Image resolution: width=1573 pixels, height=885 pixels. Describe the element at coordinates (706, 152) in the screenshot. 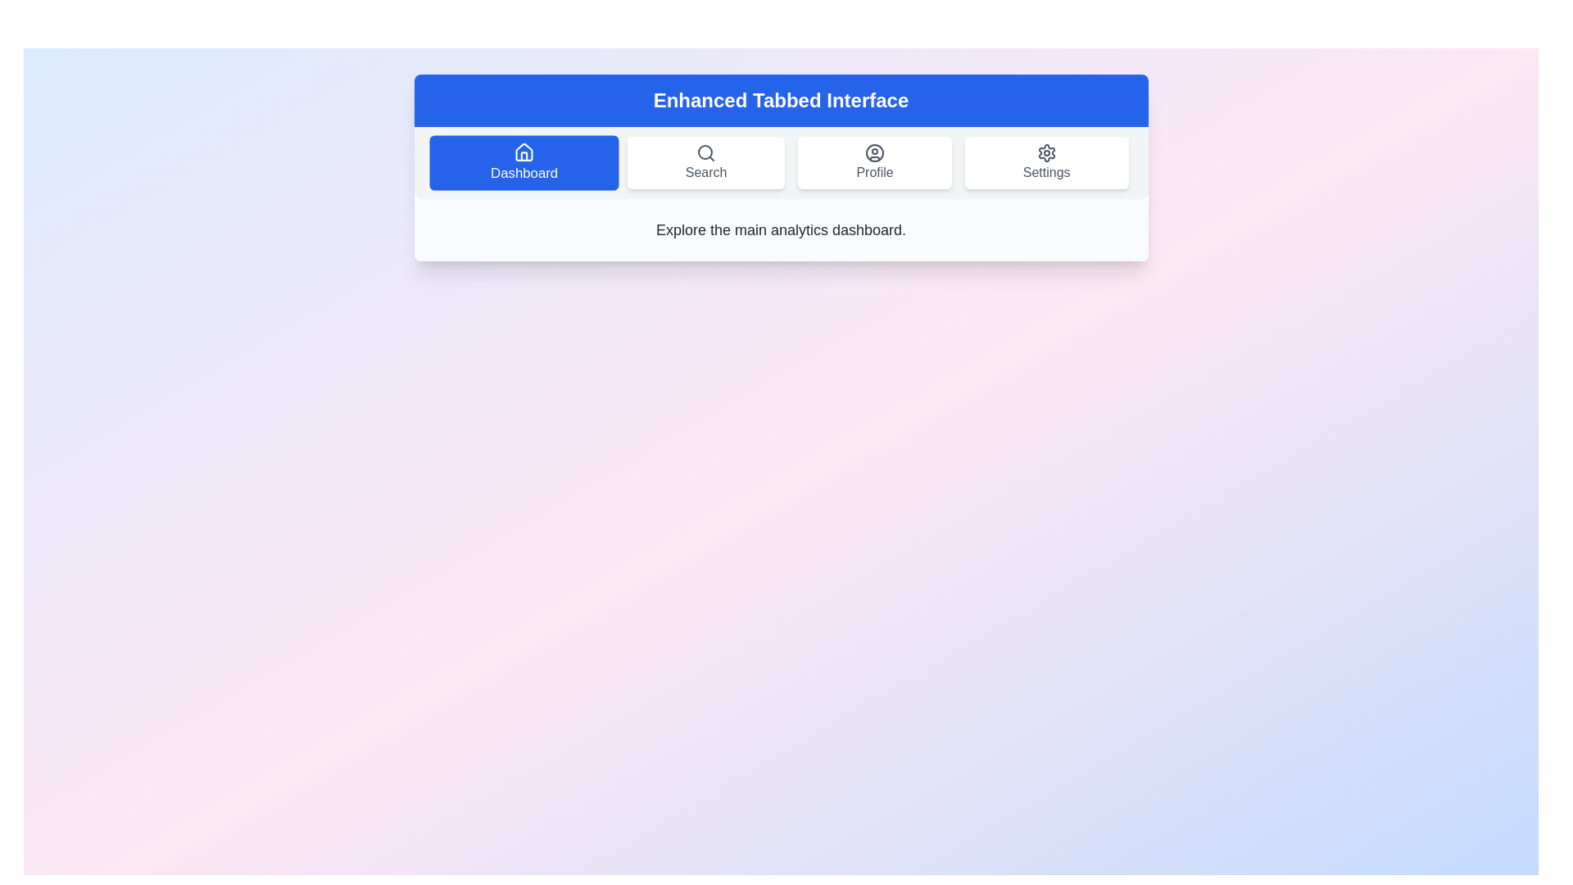

I see `the search icon located above the 'Search' text label in the second item slot of the navigation bar` at that location.